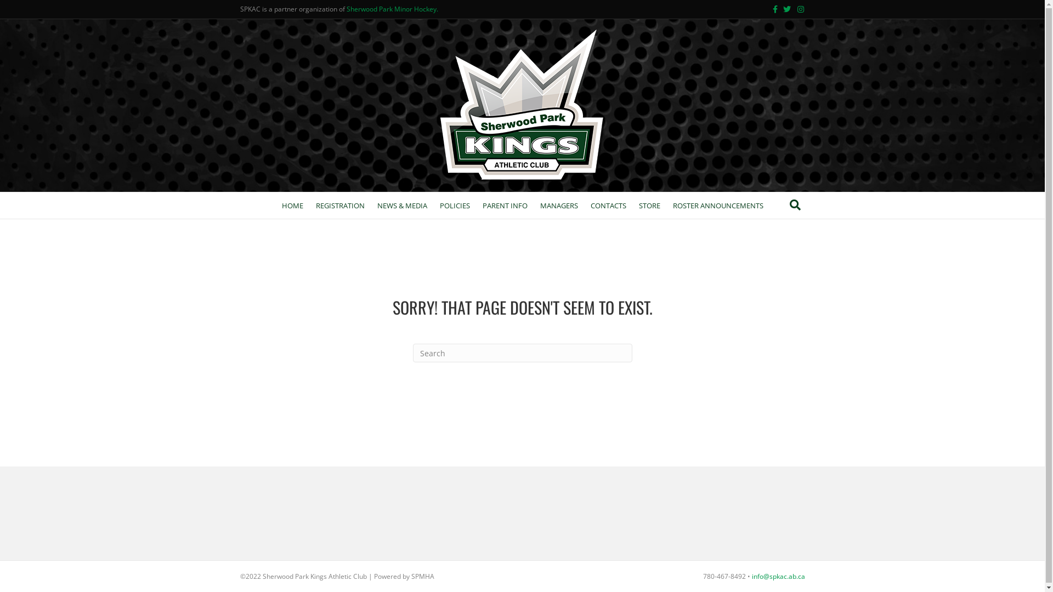 This screenshot has height=592, width=1053. What do you see at coordinates (771, 8) in the screenshot?
I see `'Facebook'` at bounding box center [771, 8].